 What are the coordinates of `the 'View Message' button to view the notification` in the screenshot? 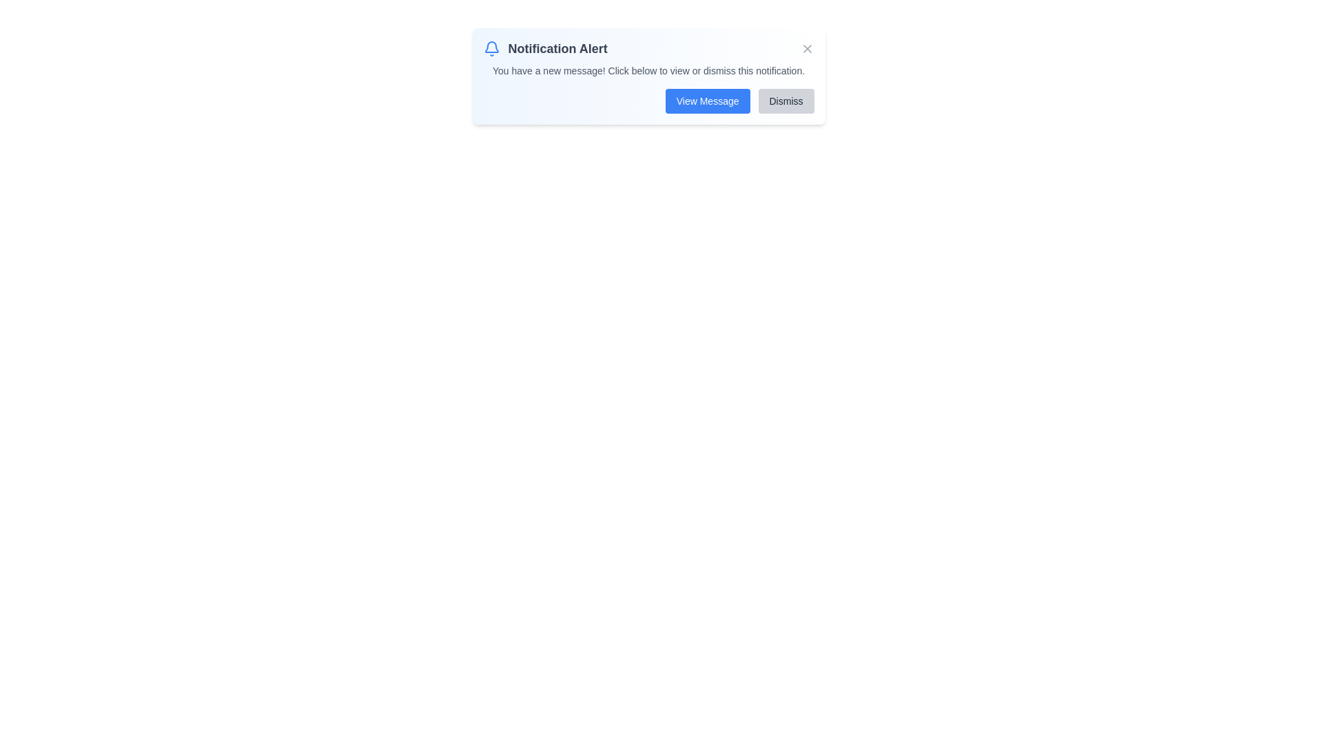 It's located at (708, 100).